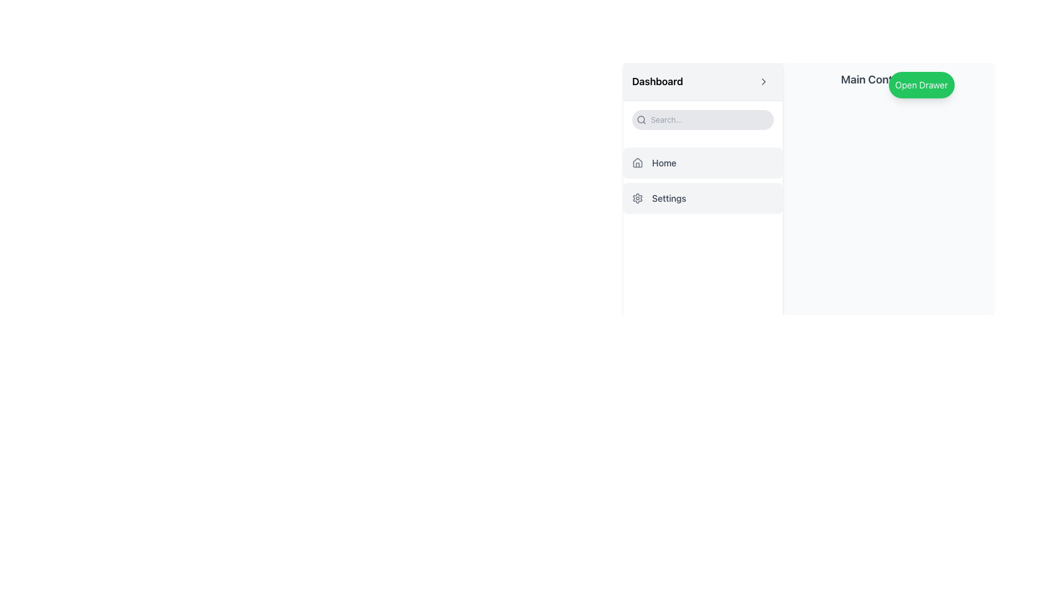 The height and width of the screenshot is (597, 1062). Describe the element at coordinates (702, 197) in the screenshot. I see `the second navigation button in the menu` at that location.